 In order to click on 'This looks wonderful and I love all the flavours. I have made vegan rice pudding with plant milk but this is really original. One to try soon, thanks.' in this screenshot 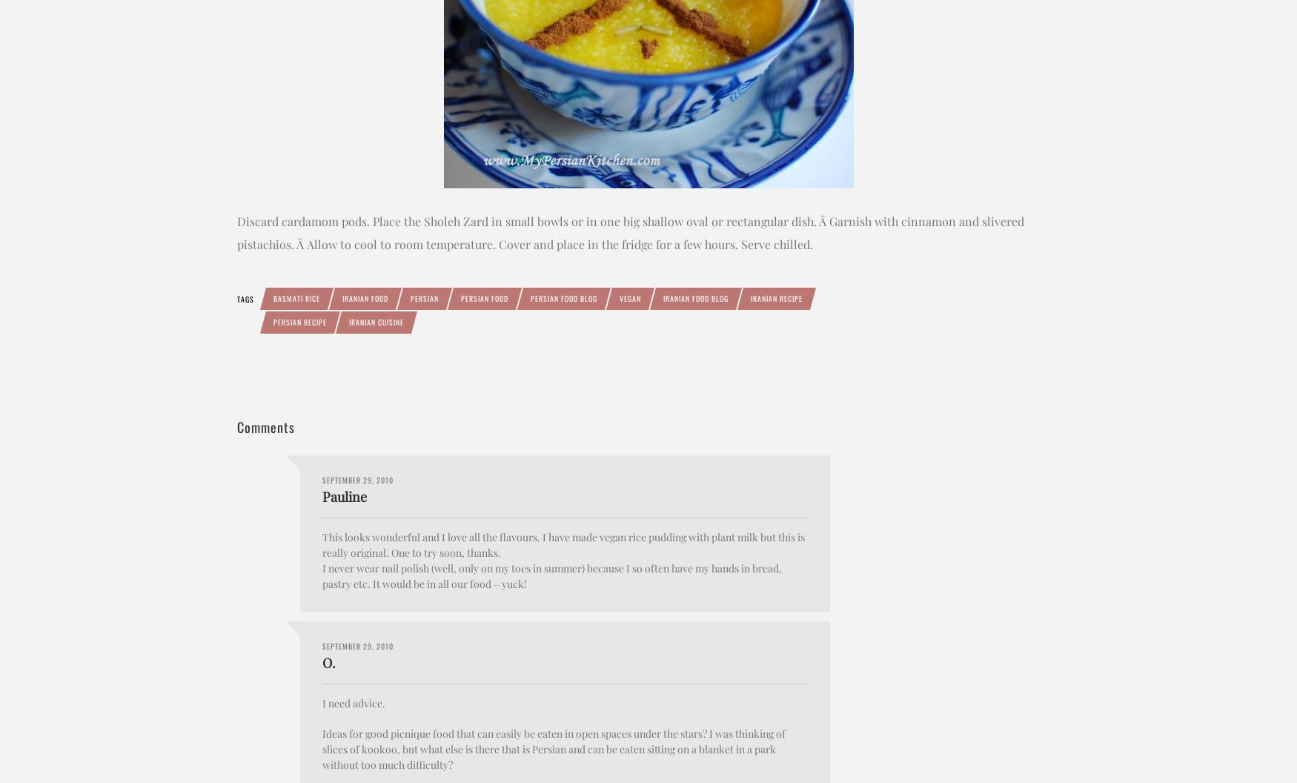, I will do `click(322, 544)`.